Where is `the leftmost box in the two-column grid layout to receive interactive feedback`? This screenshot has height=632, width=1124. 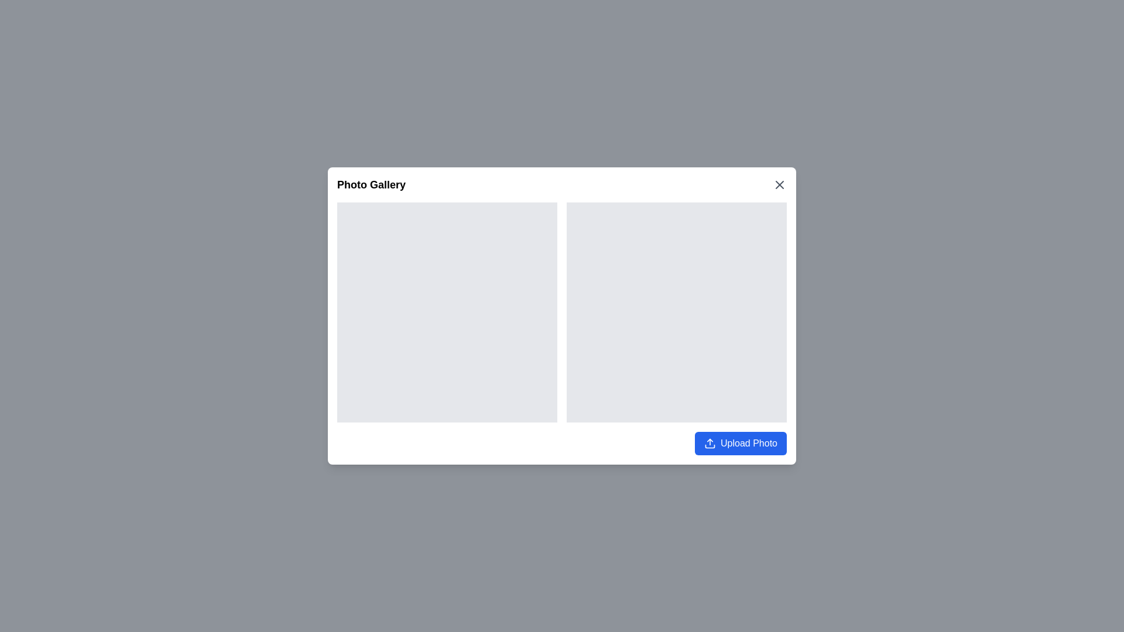 the leftmost box in the two-column grid layout to receive interactive feedback is located at coordinates (446, 311).